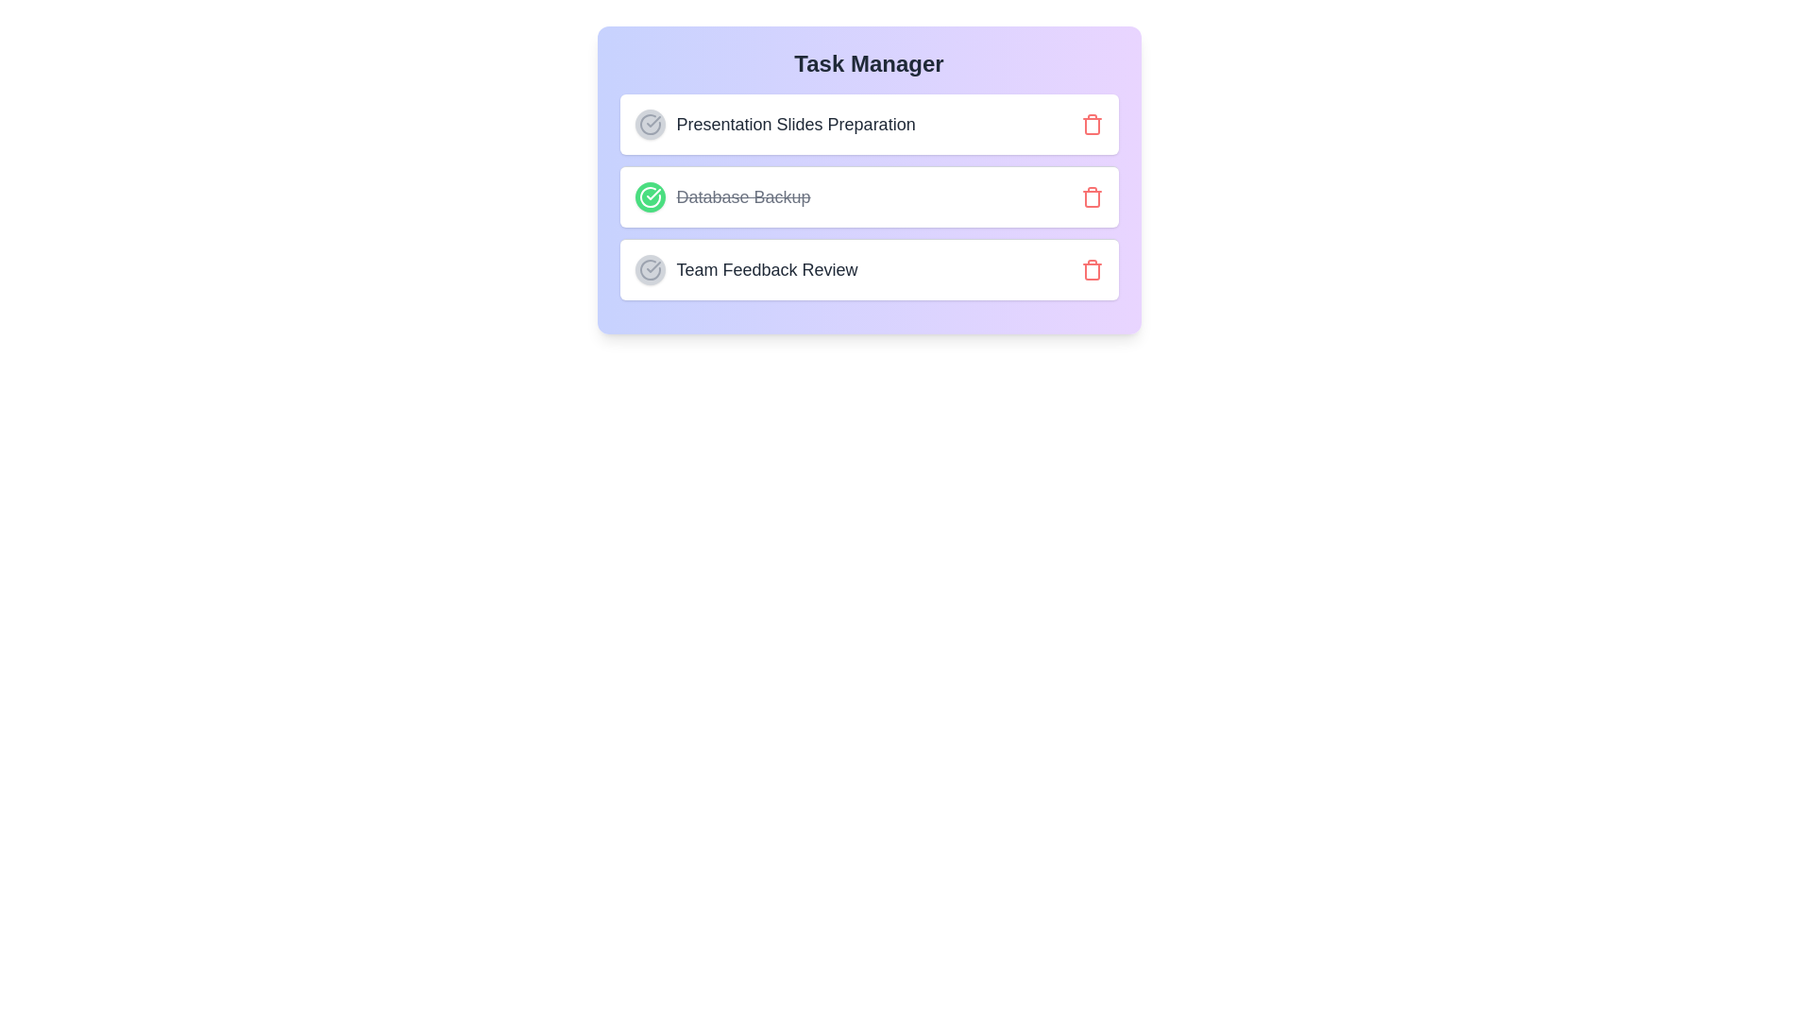  Describe the element at coordinates (1092, 269) in the screenshot. I see `trash icon next to the task named Team Feedback Review to delete it` at that location.